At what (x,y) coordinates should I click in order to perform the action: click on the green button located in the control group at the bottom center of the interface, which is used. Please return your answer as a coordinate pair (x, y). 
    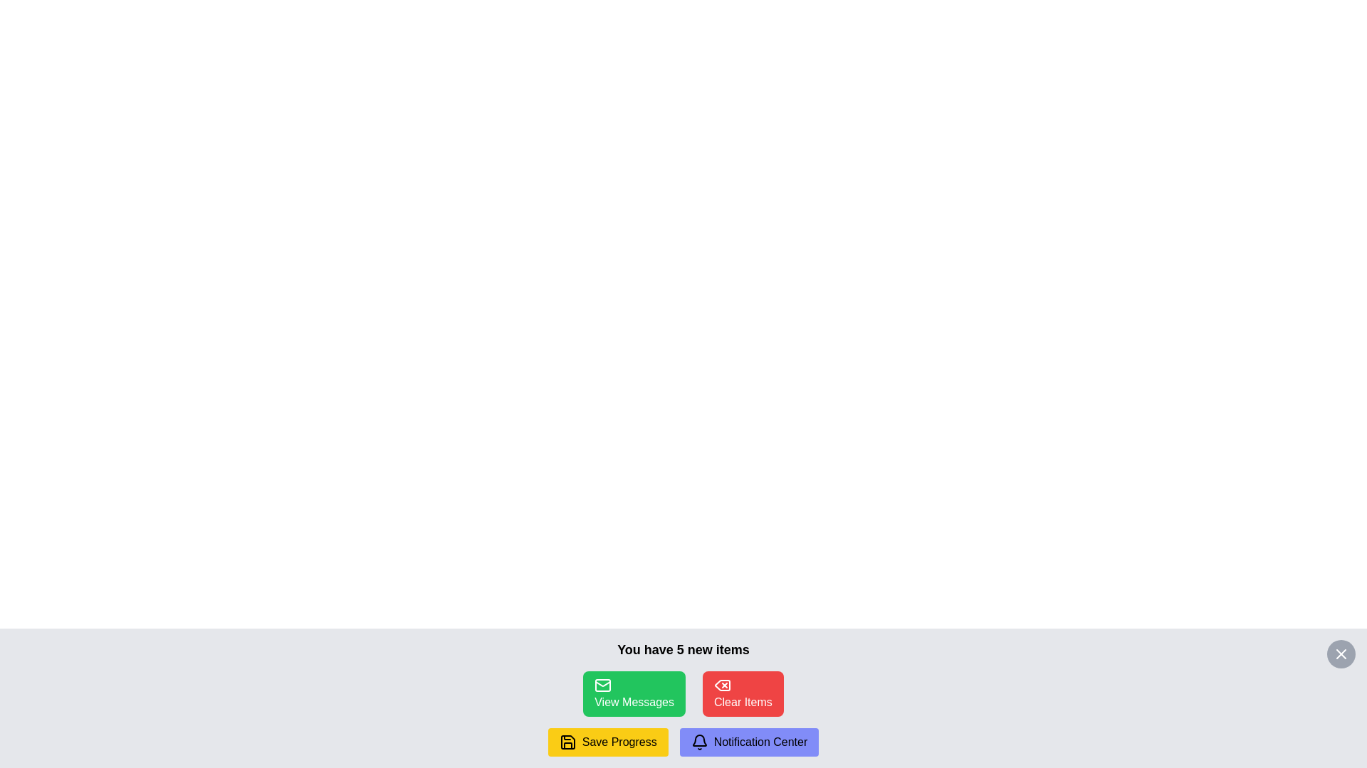
    Looking at the image, I should click on (683, 693).